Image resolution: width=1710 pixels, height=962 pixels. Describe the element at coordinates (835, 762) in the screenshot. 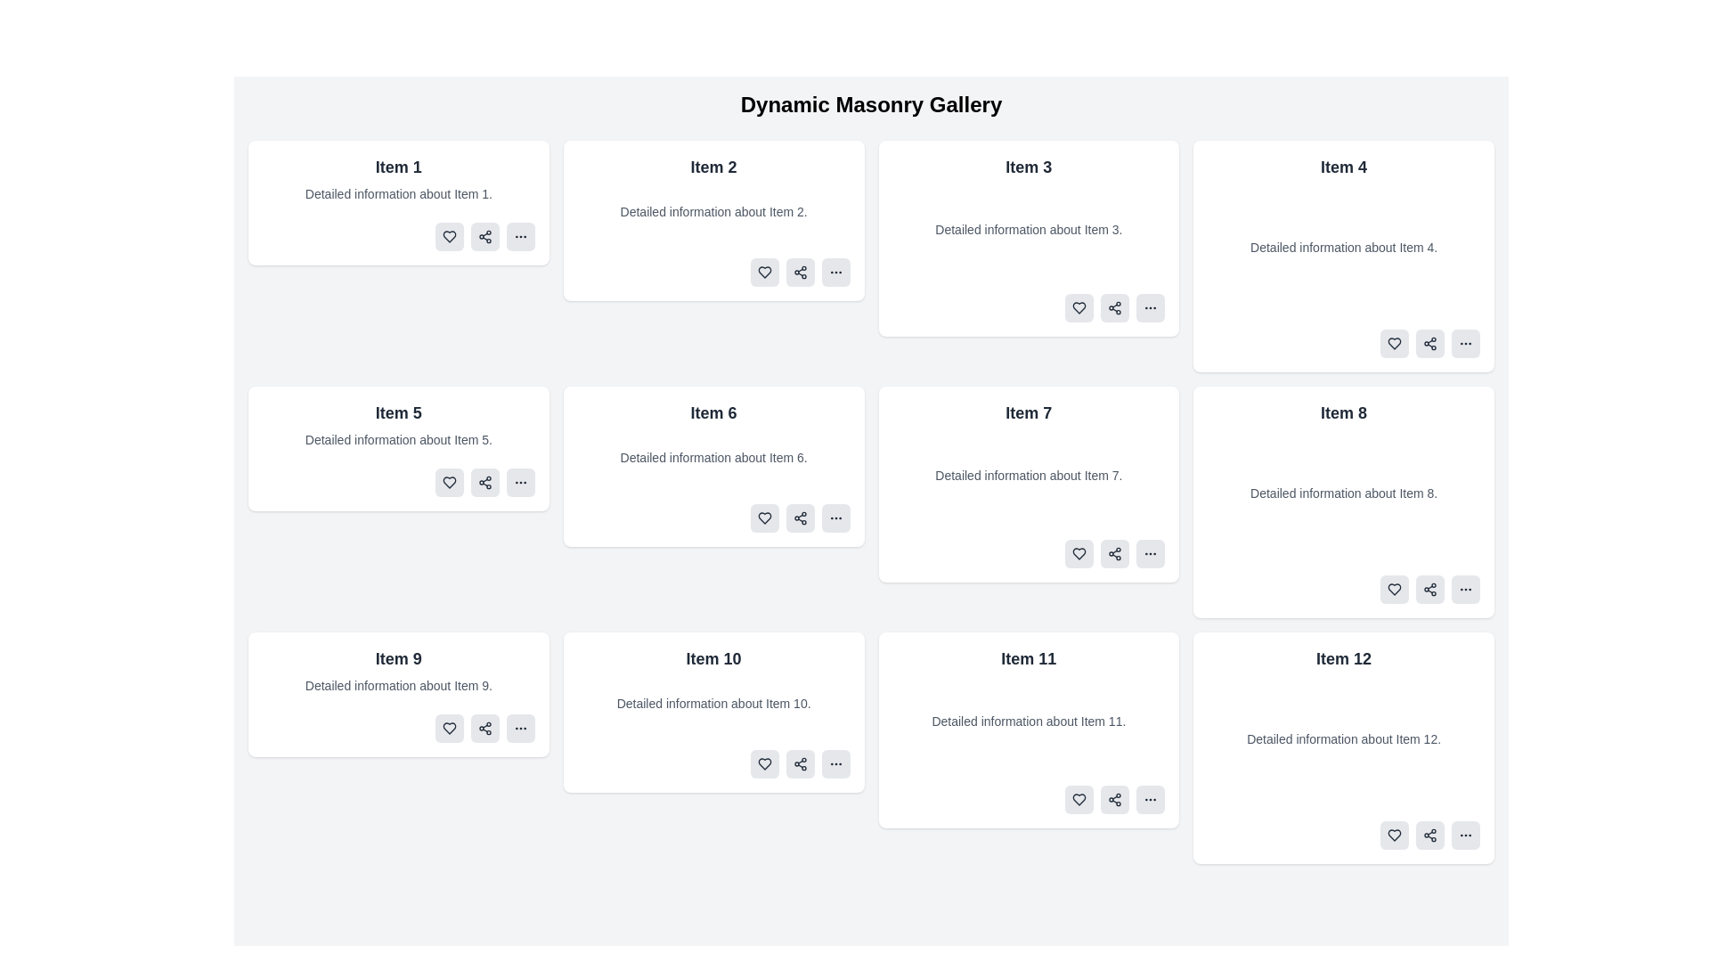

I see `the Three-dot menu icon located at the bottom-right corner of the 'Item 10' card` at that location.